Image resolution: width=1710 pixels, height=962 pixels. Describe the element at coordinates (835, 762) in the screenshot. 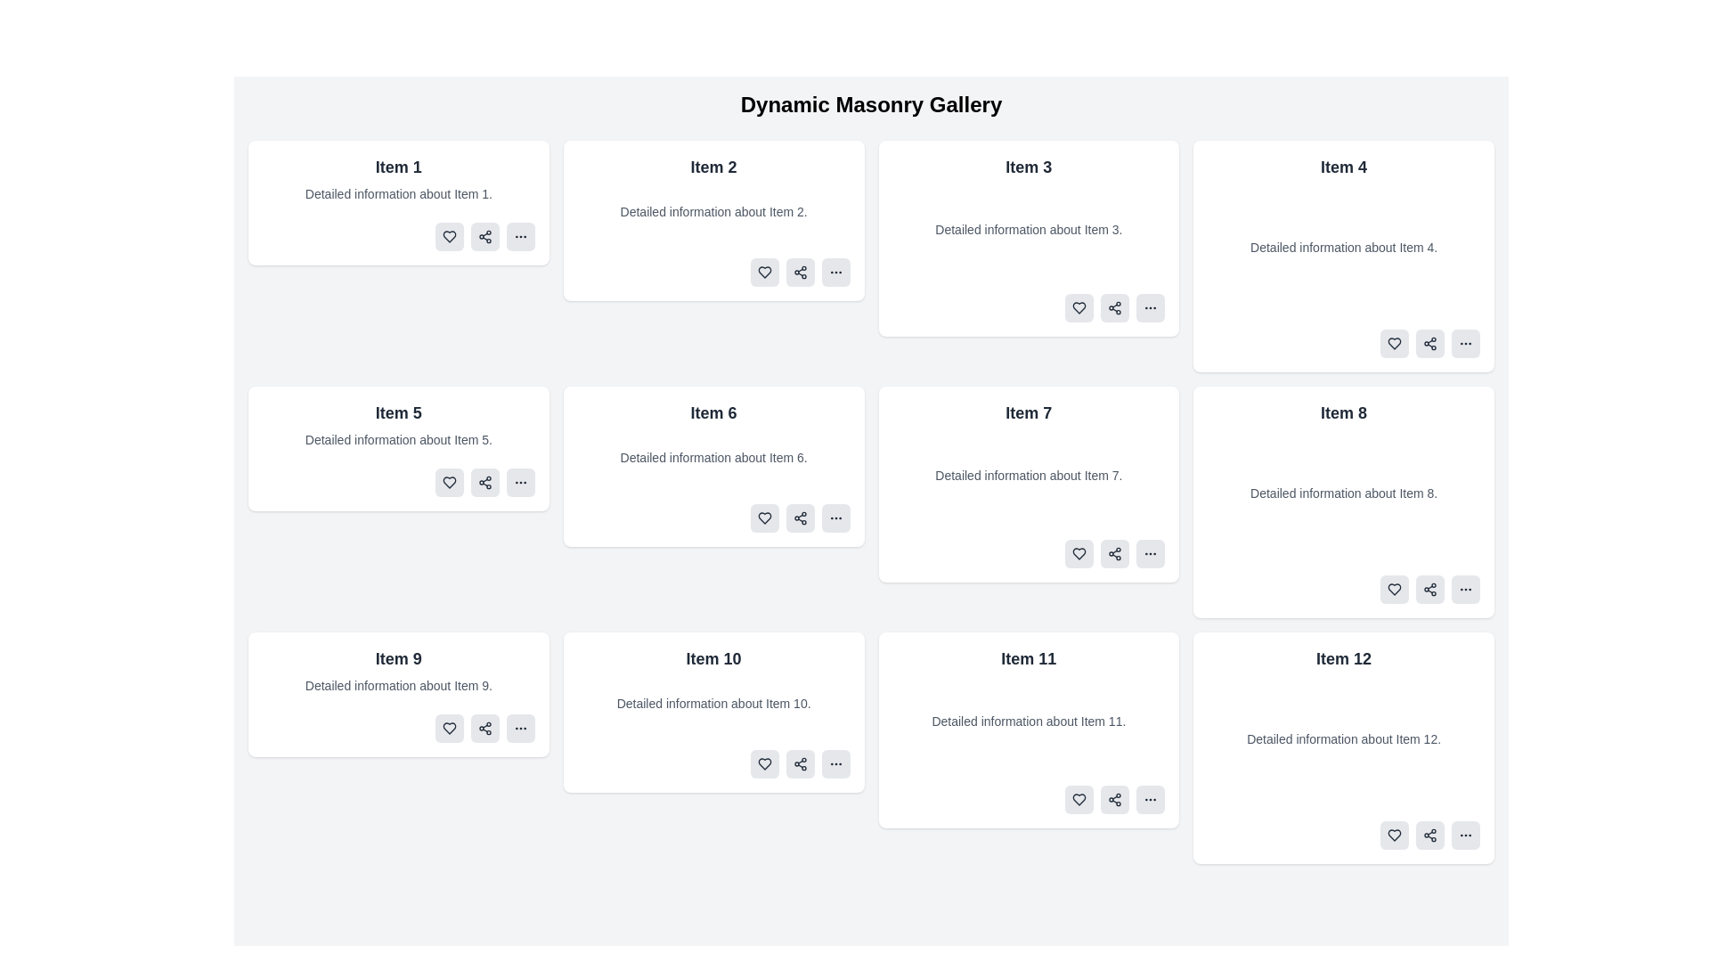

I see `the Three-dot menu icon located at the bottom-right corner of the 'Item 10' card` at that location.